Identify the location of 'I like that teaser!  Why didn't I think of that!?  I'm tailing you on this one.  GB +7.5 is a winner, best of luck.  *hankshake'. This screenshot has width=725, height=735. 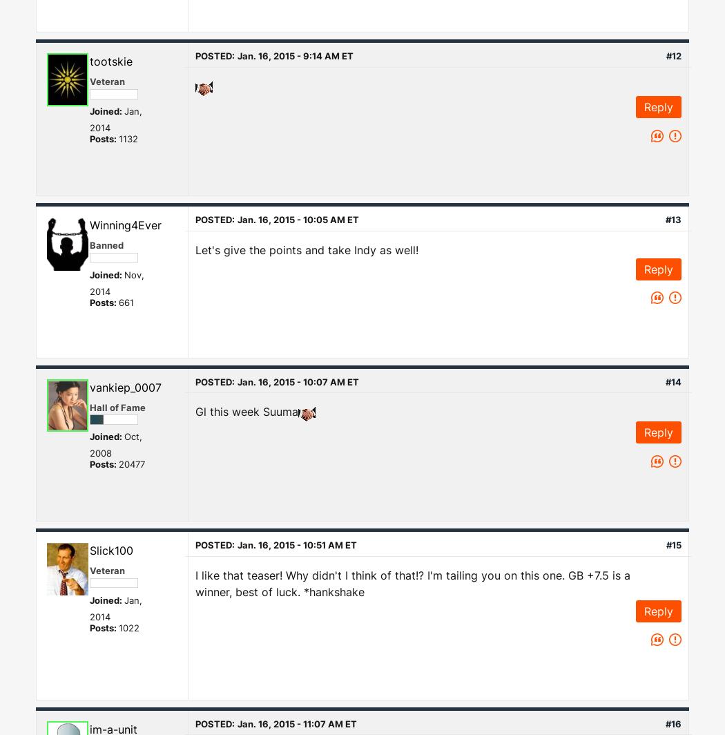
(412, 582).